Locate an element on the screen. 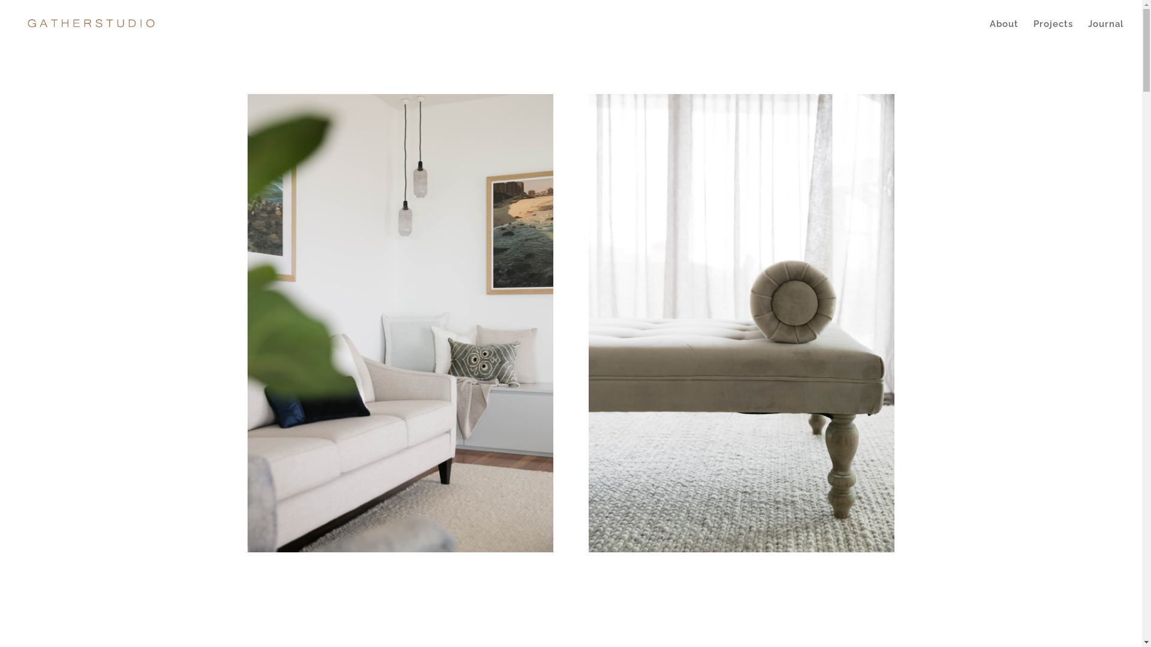 The image size is (1151, 647). 'About' is located at coordinates (990, 33).